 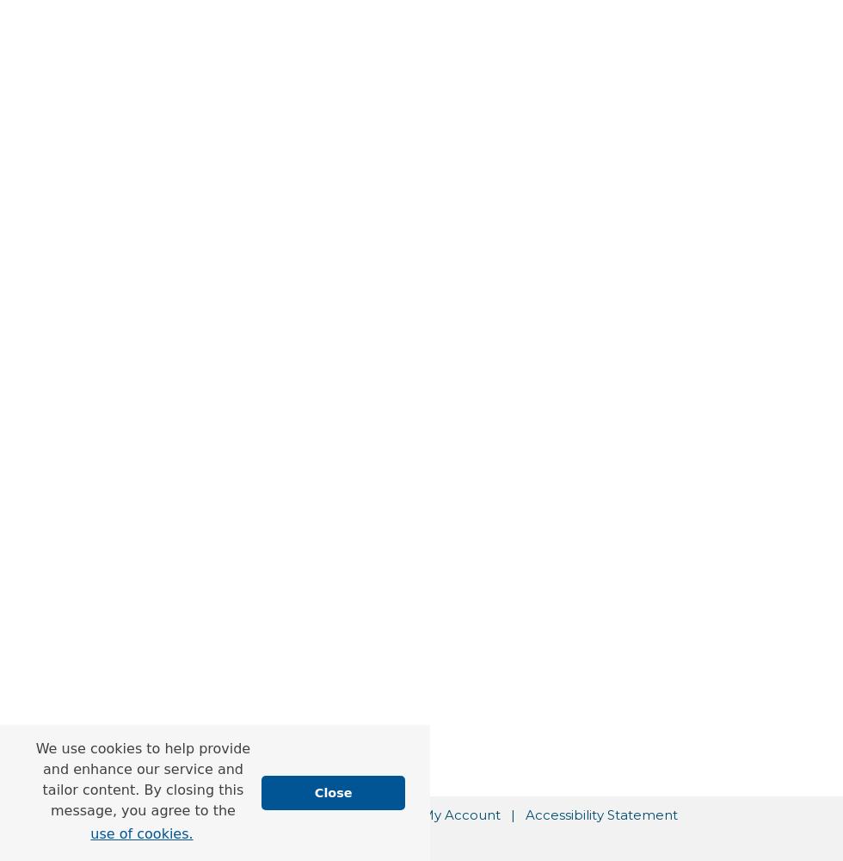 I want to click on 'FAQ', so click(x=382, y=814).